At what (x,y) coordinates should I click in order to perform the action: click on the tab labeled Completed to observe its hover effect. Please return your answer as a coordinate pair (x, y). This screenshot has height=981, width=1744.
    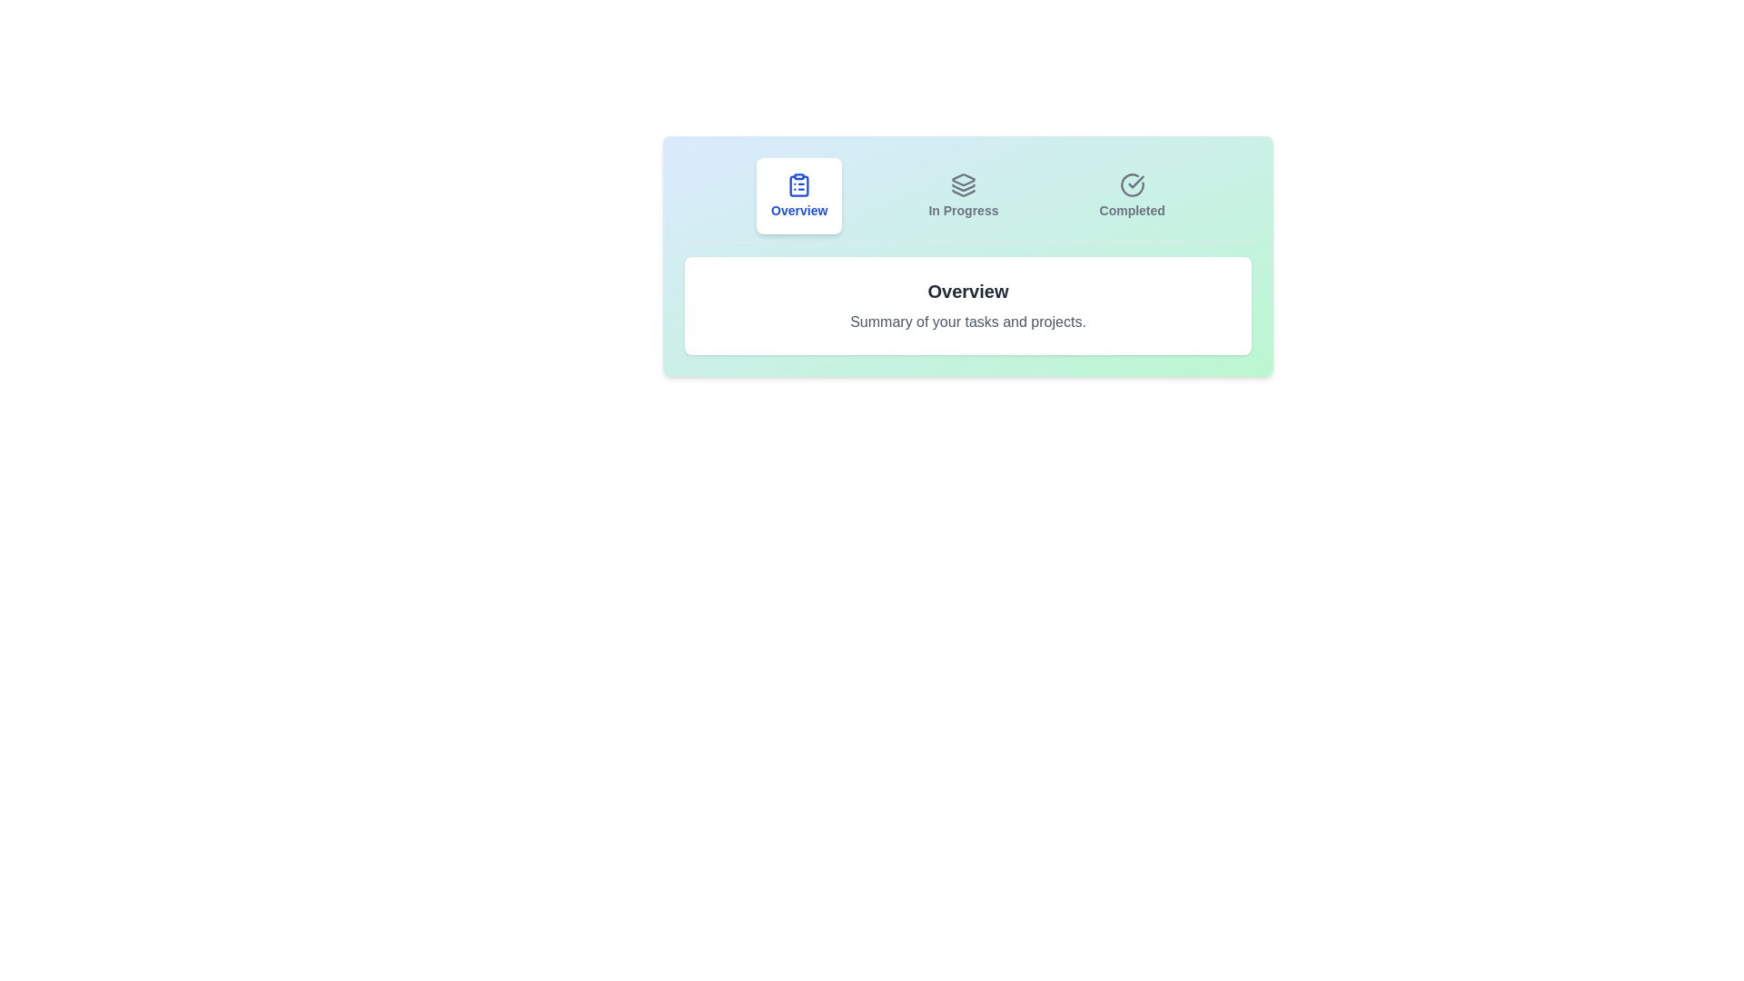
    Looking at the image, I should click on (1131, 196).